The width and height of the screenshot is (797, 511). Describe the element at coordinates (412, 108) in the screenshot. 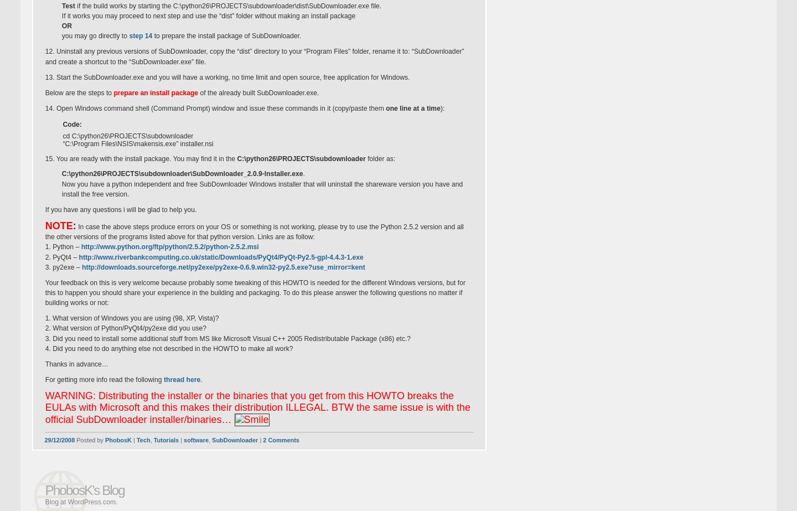

I see `'one line at a time'` at that location.